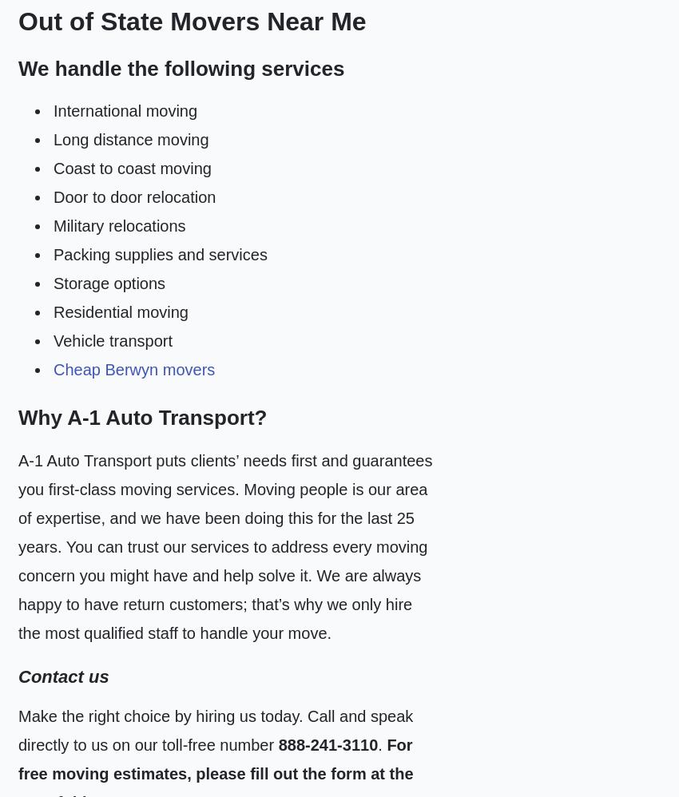 Image resolution: width=679 pixels, height=797 pixels. Describe the element at coordinates (109, 282) in the screenshot. I see `'Storage options'` at that location.